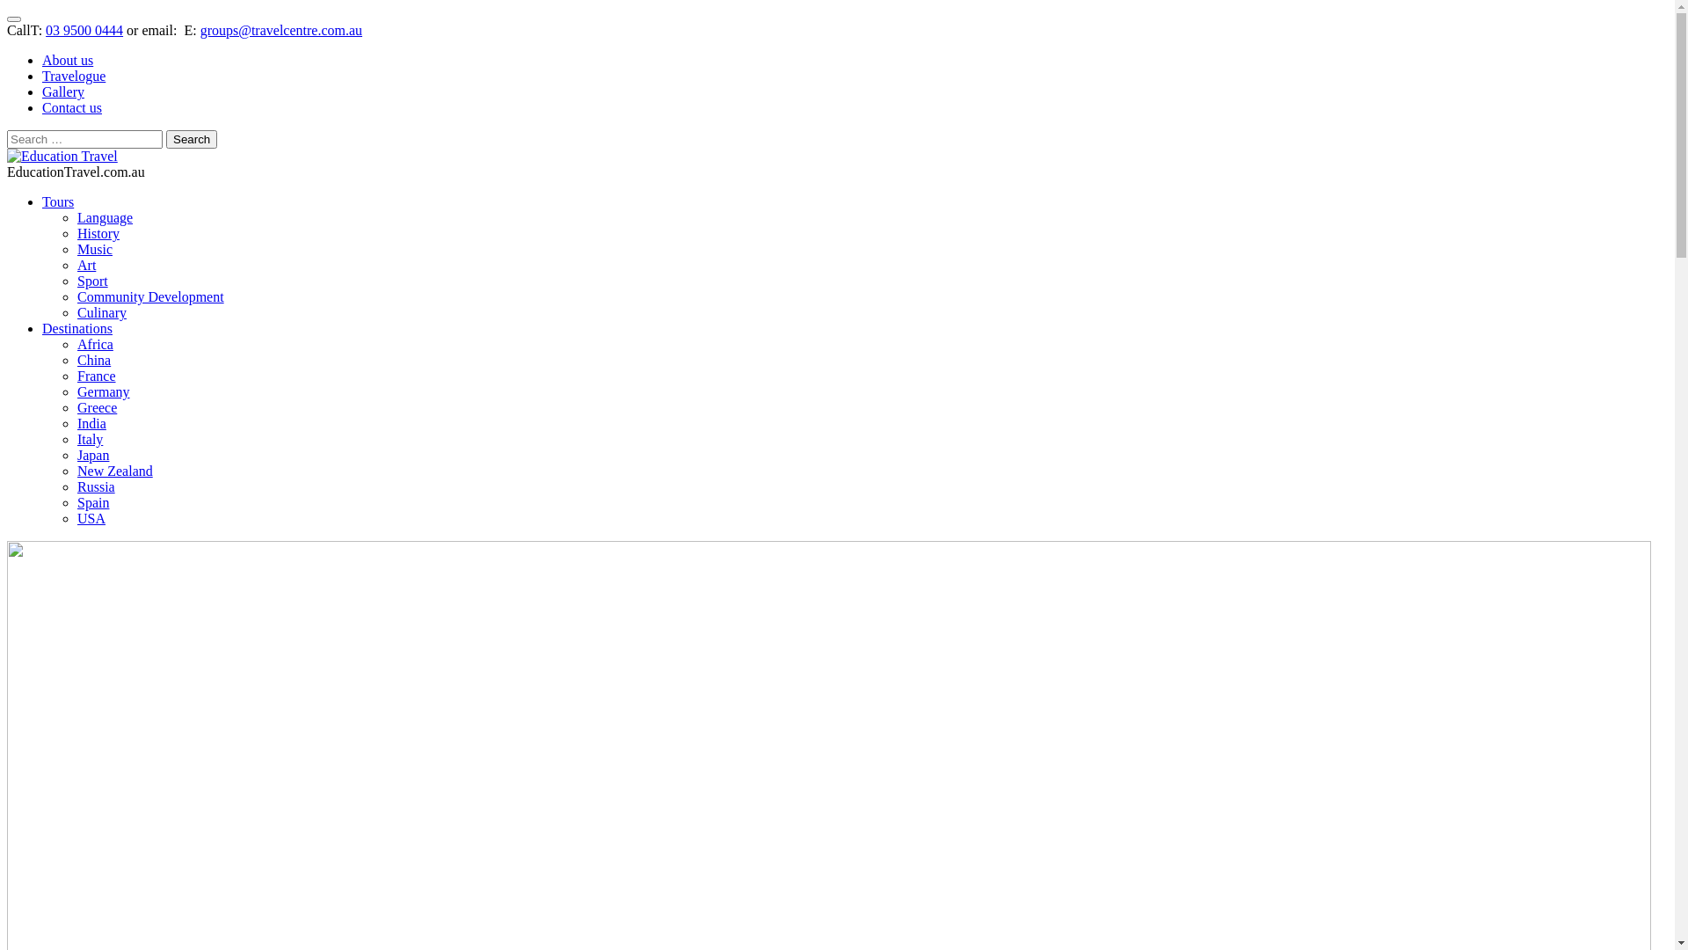  What do you see at coordinates (42, 201) in the screenshot?
I see `'Tours'` at bounding box center [42, 201].